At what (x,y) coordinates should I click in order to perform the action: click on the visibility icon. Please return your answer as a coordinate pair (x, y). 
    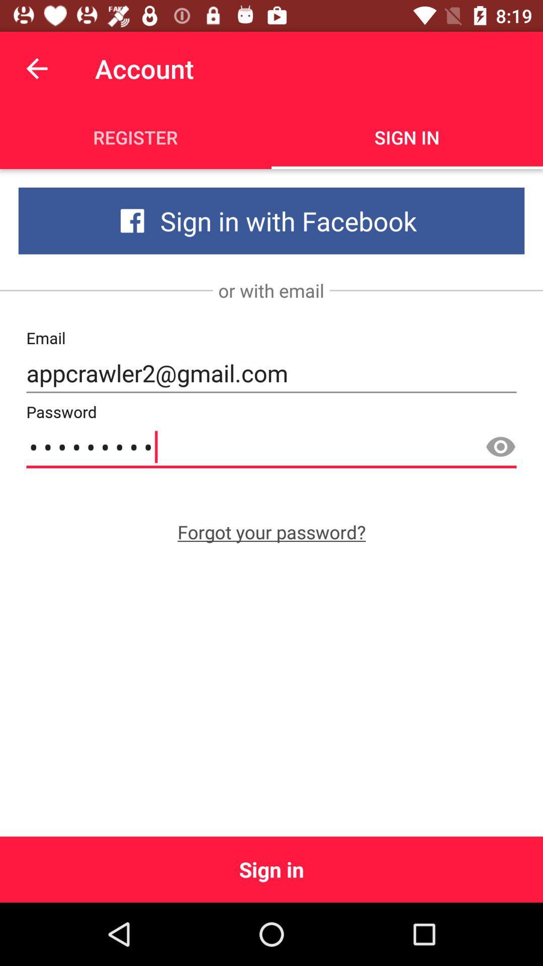
    Looking at the image, I should click on (500, 447).